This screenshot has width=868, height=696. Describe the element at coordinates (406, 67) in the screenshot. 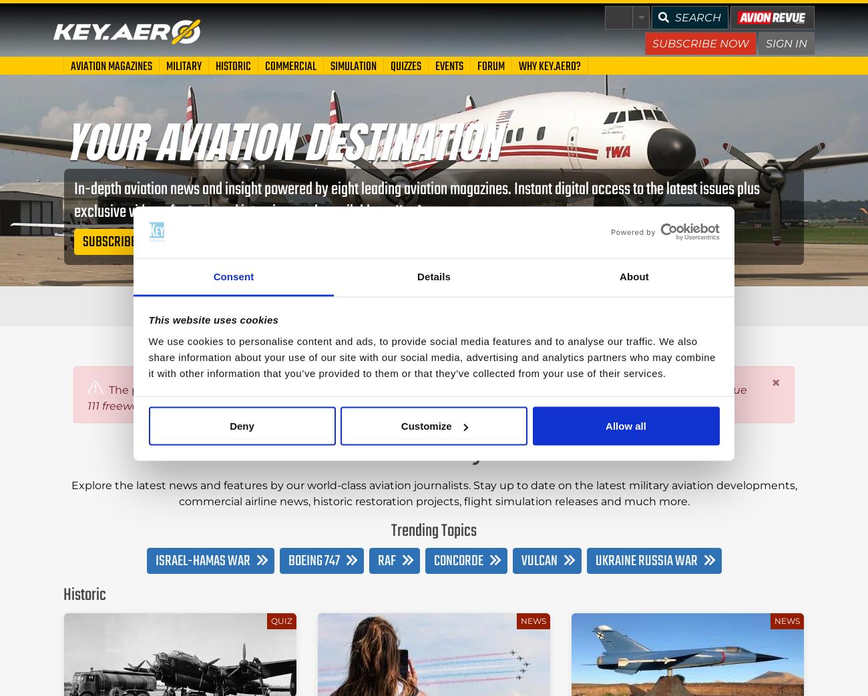

I see `'Quizzes'` at that location.